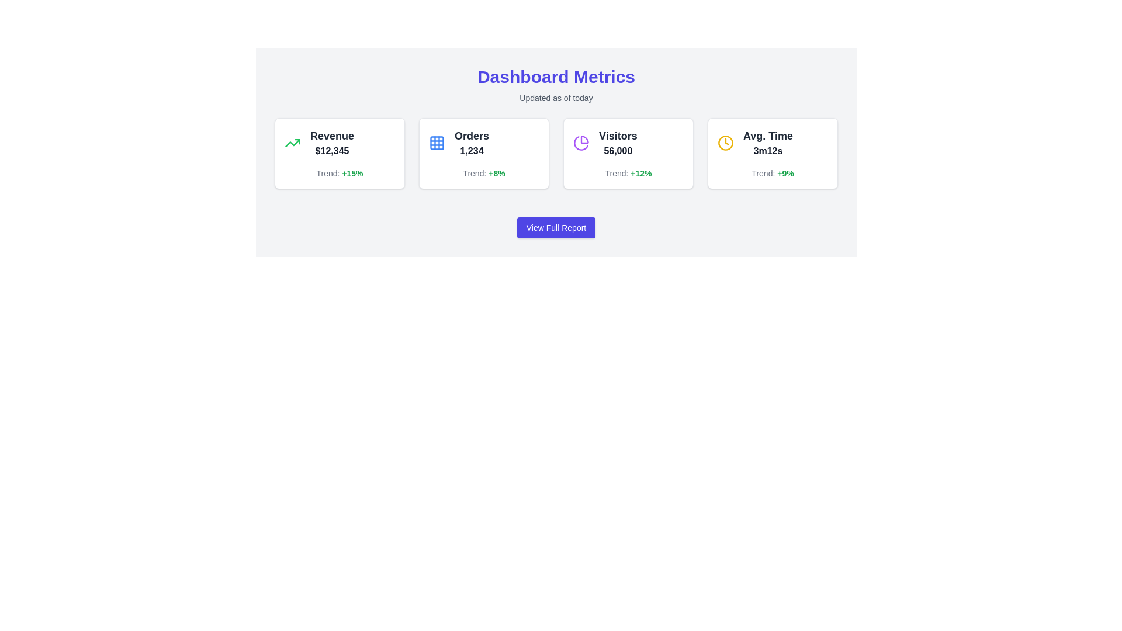  Describe the element at coordinates (437, 143) in the screenshot. I see `the top-left square of the 3x3 grid icon, which is part of the graphical component situated centrally along the top of the interface above the main dashboard content` at that location.